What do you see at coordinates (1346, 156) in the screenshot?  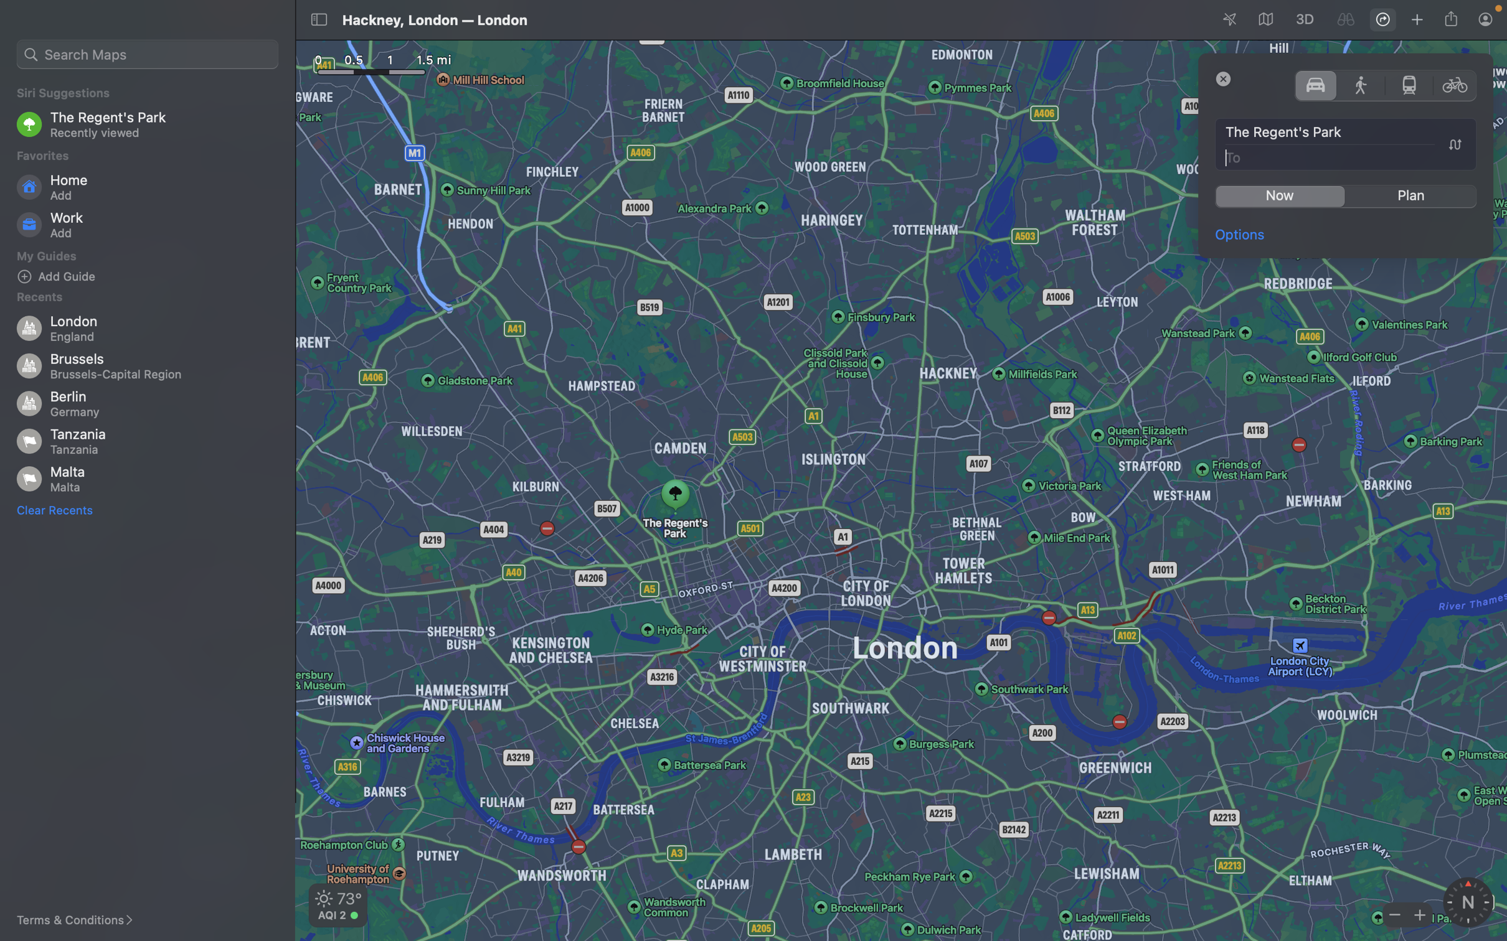 I see `Move to the "destination" input field, input Paris and submit with enter` at bounding box center [1346, 156].